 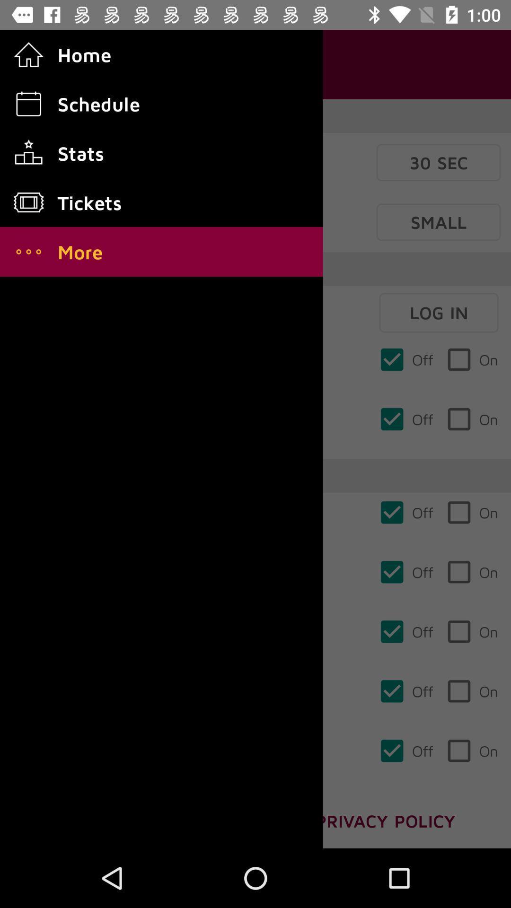 I want to click on off in first row, so click(x=405, y=359).